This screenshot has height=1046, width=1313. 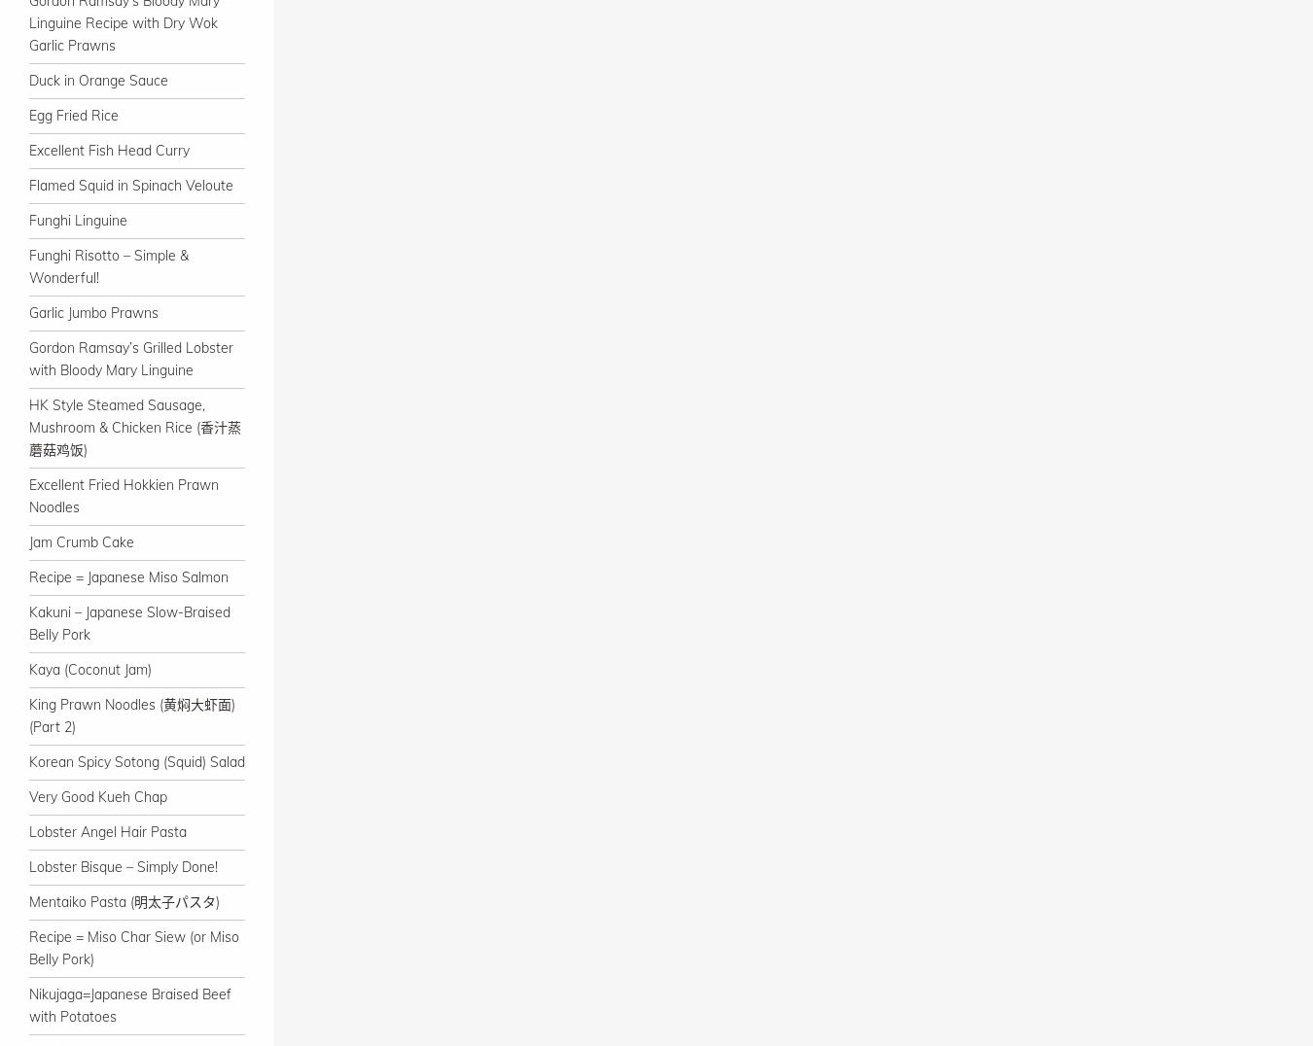 I want to click on 'Recipe = Miso Char Siew (or Miso Belly Pork)', so click(x=133, y=948).